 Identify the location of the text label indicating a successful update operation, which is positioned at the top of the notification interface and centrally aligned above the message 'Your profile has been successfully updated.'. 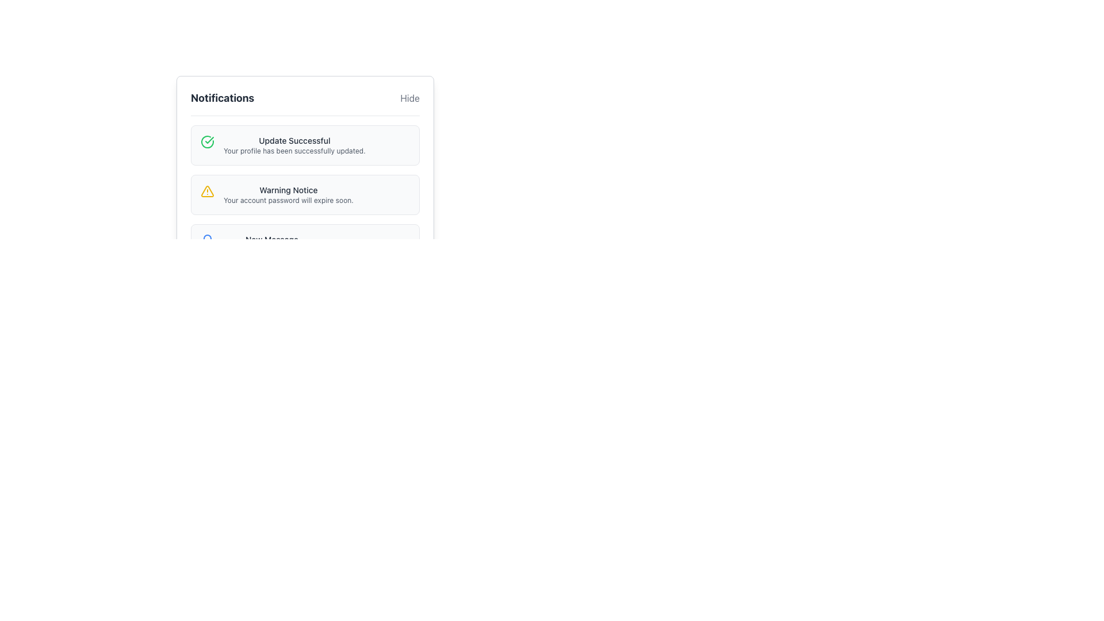
(294, 140).